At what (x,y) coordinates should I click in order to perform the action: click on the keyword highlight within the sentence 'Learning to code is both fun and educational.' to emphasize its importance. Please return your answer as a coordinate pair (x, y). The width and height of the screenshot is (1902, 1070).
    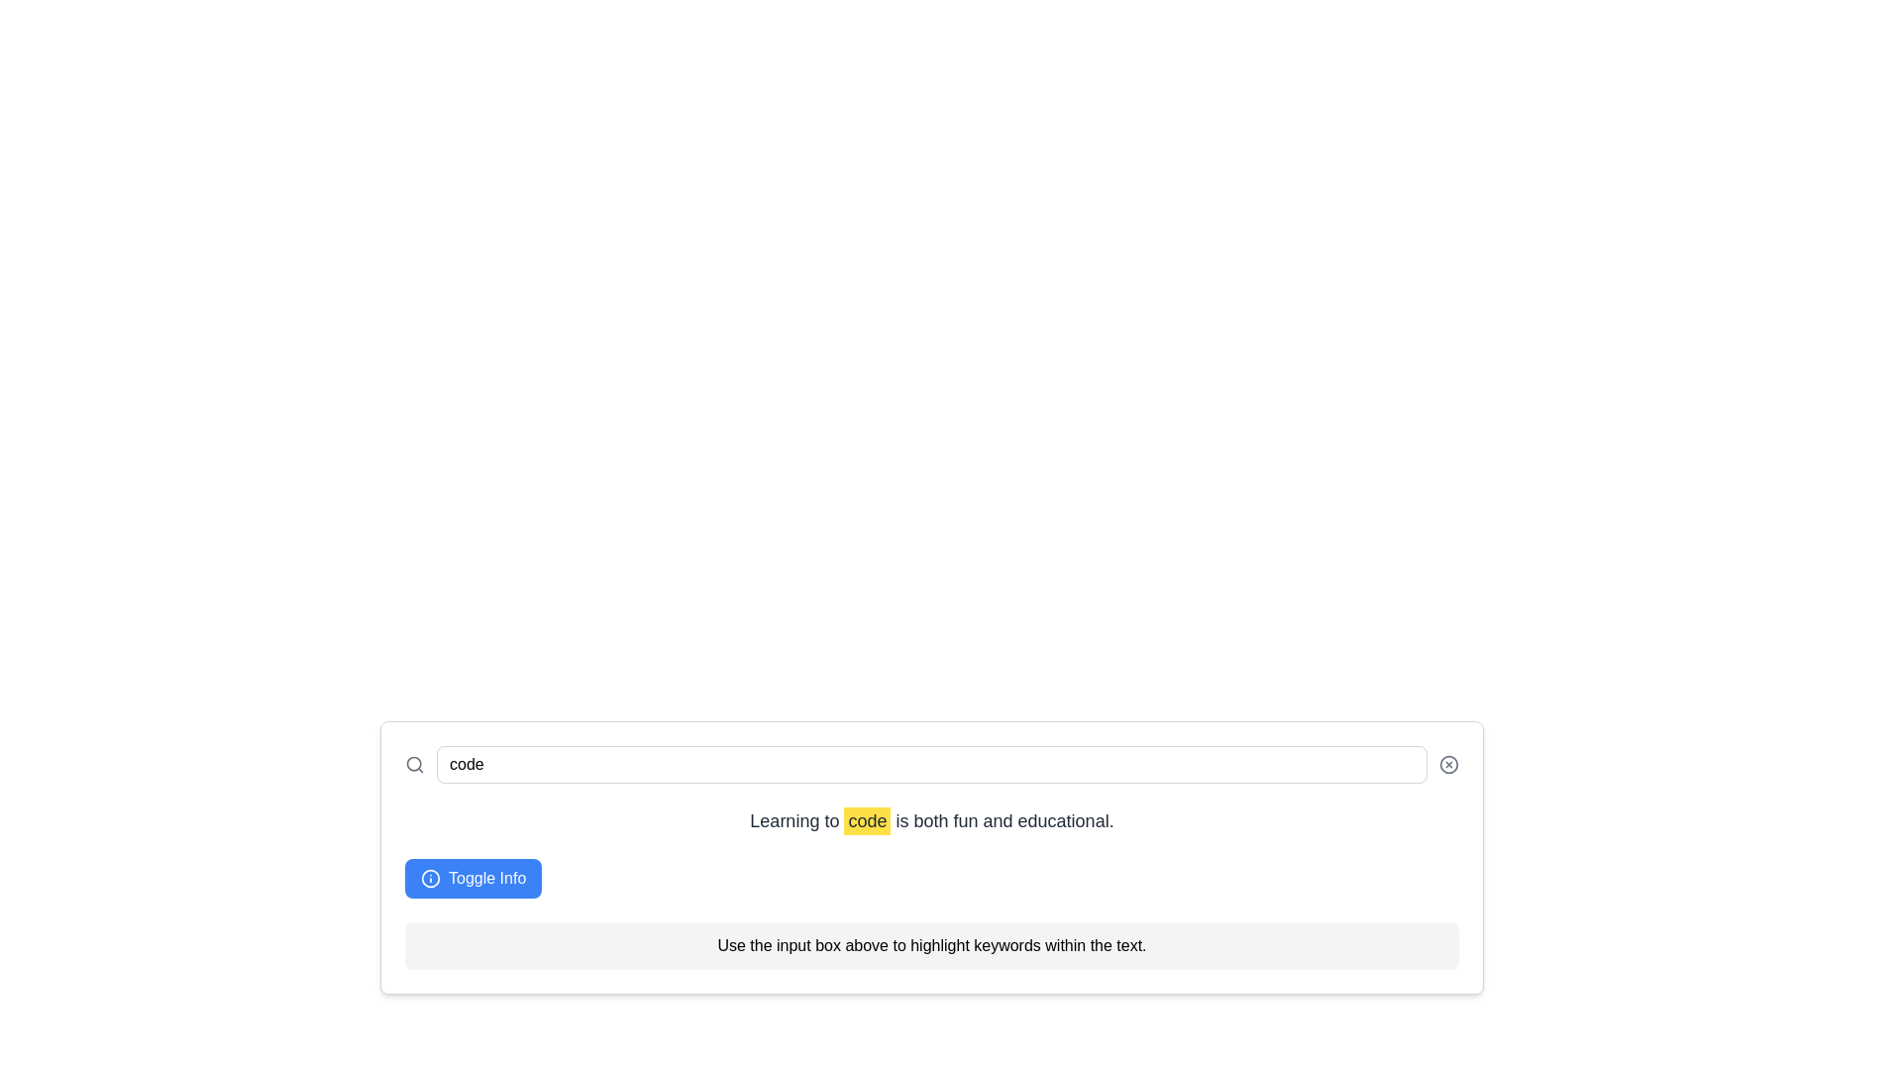
    Looking at the image, I should click on (867, 821).